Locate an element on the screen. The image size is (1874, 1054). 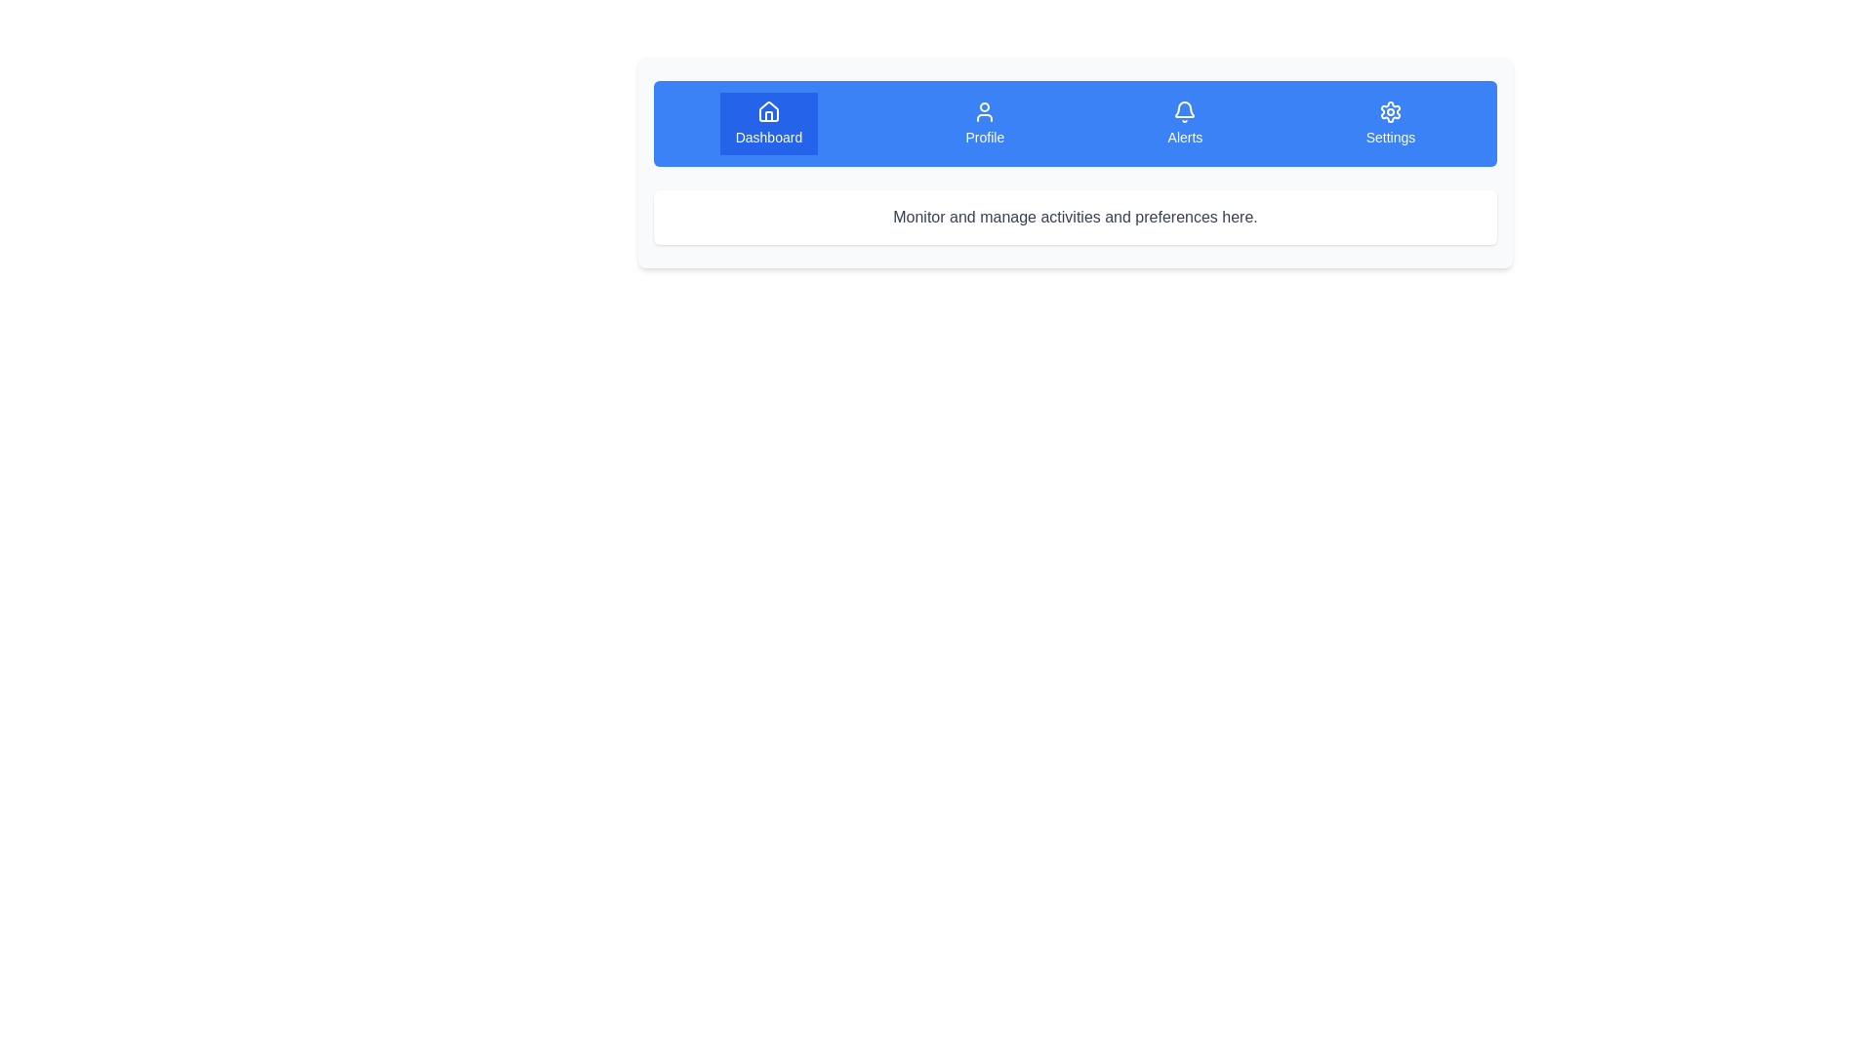
the Profile button located between the Dashboard and Alerts buttons to observe the scaling animation is located at coordinates (985, 124).